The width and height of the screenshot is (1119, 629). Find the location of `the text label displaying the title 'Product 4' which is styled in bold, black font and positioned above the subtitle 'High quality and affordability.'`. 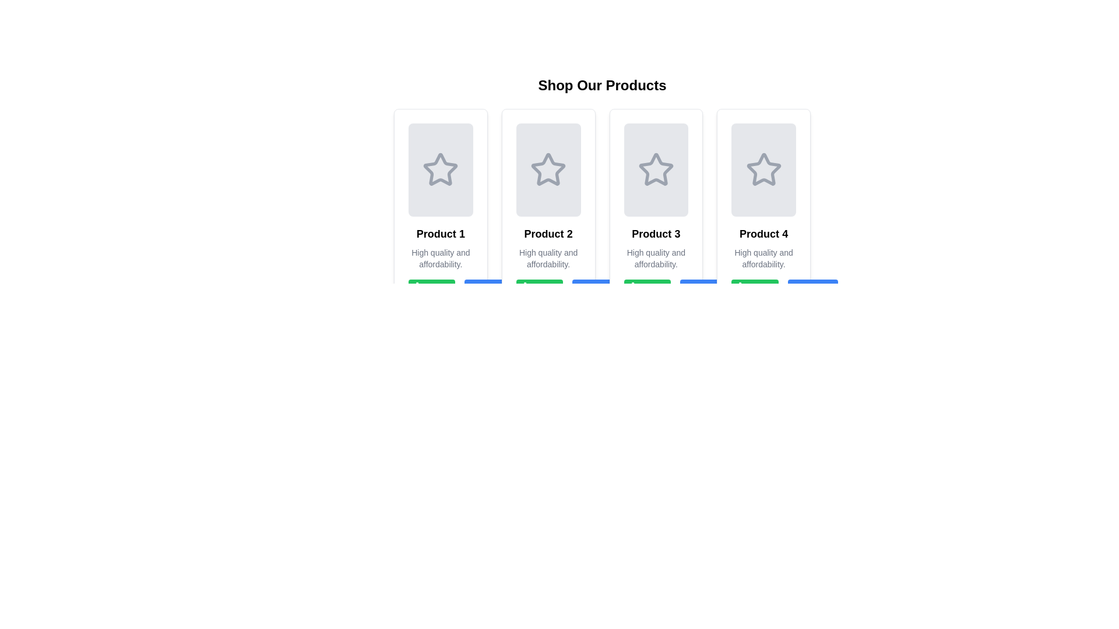

the text label displaying the title 'Product 4' which is styled in bold, black font and positioned above the subtitle 'High quality and affordability.' is located at coordinates (763, 234).